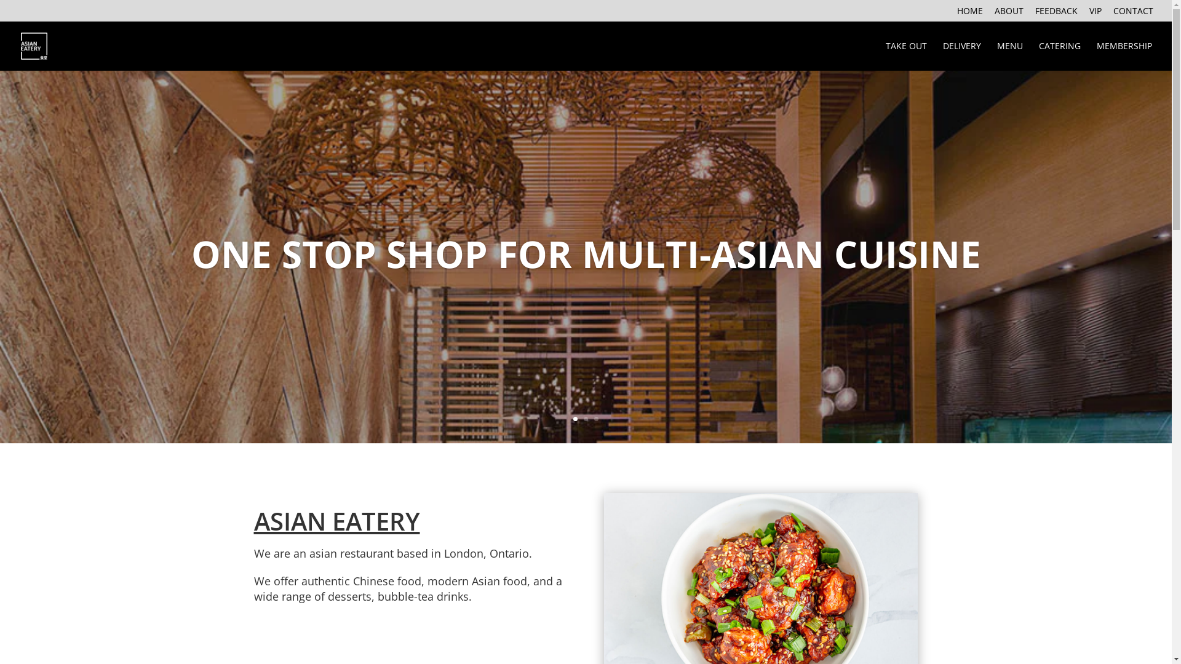 The height and width of the screenshot is (664, 1181). What do you see at coordinates (1009, 14) in the screenshot?
I see `'ABOUT'` at bounding box center [1009, 14].